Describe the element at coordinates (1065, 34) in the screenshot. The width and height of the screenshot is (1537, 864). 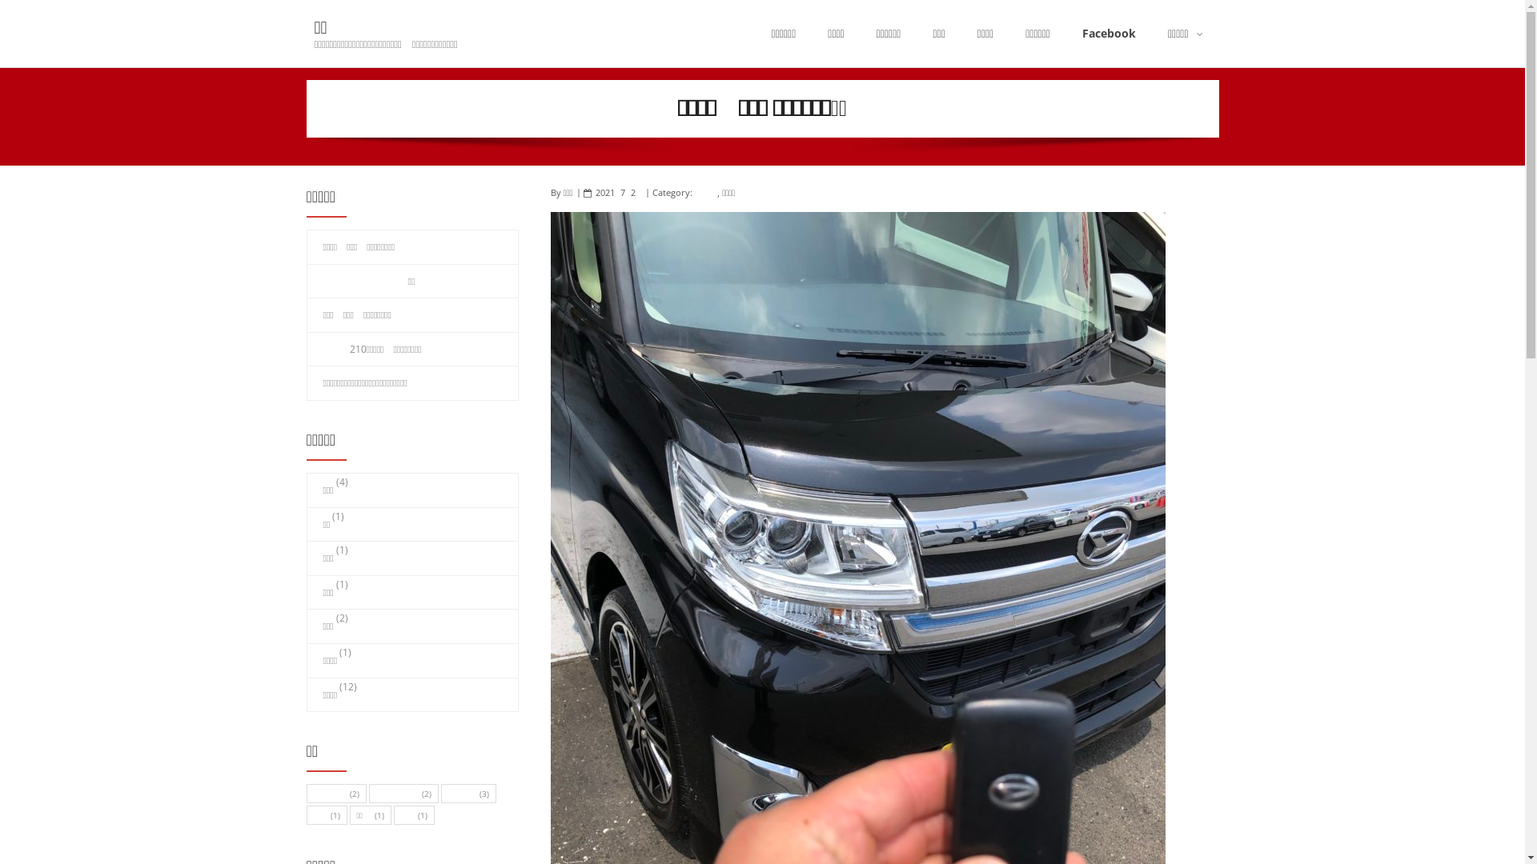
I see `'Facebook'` at that location.